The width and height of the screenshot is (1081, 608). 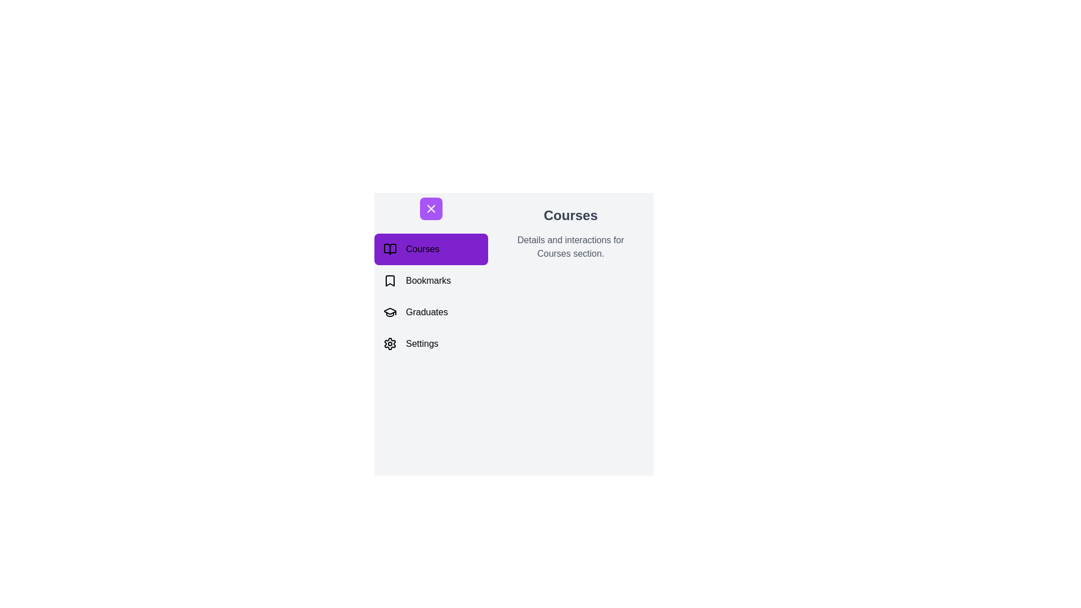 I want to click on the navigation item Courses to preview its action, so click(x=430, y=249).